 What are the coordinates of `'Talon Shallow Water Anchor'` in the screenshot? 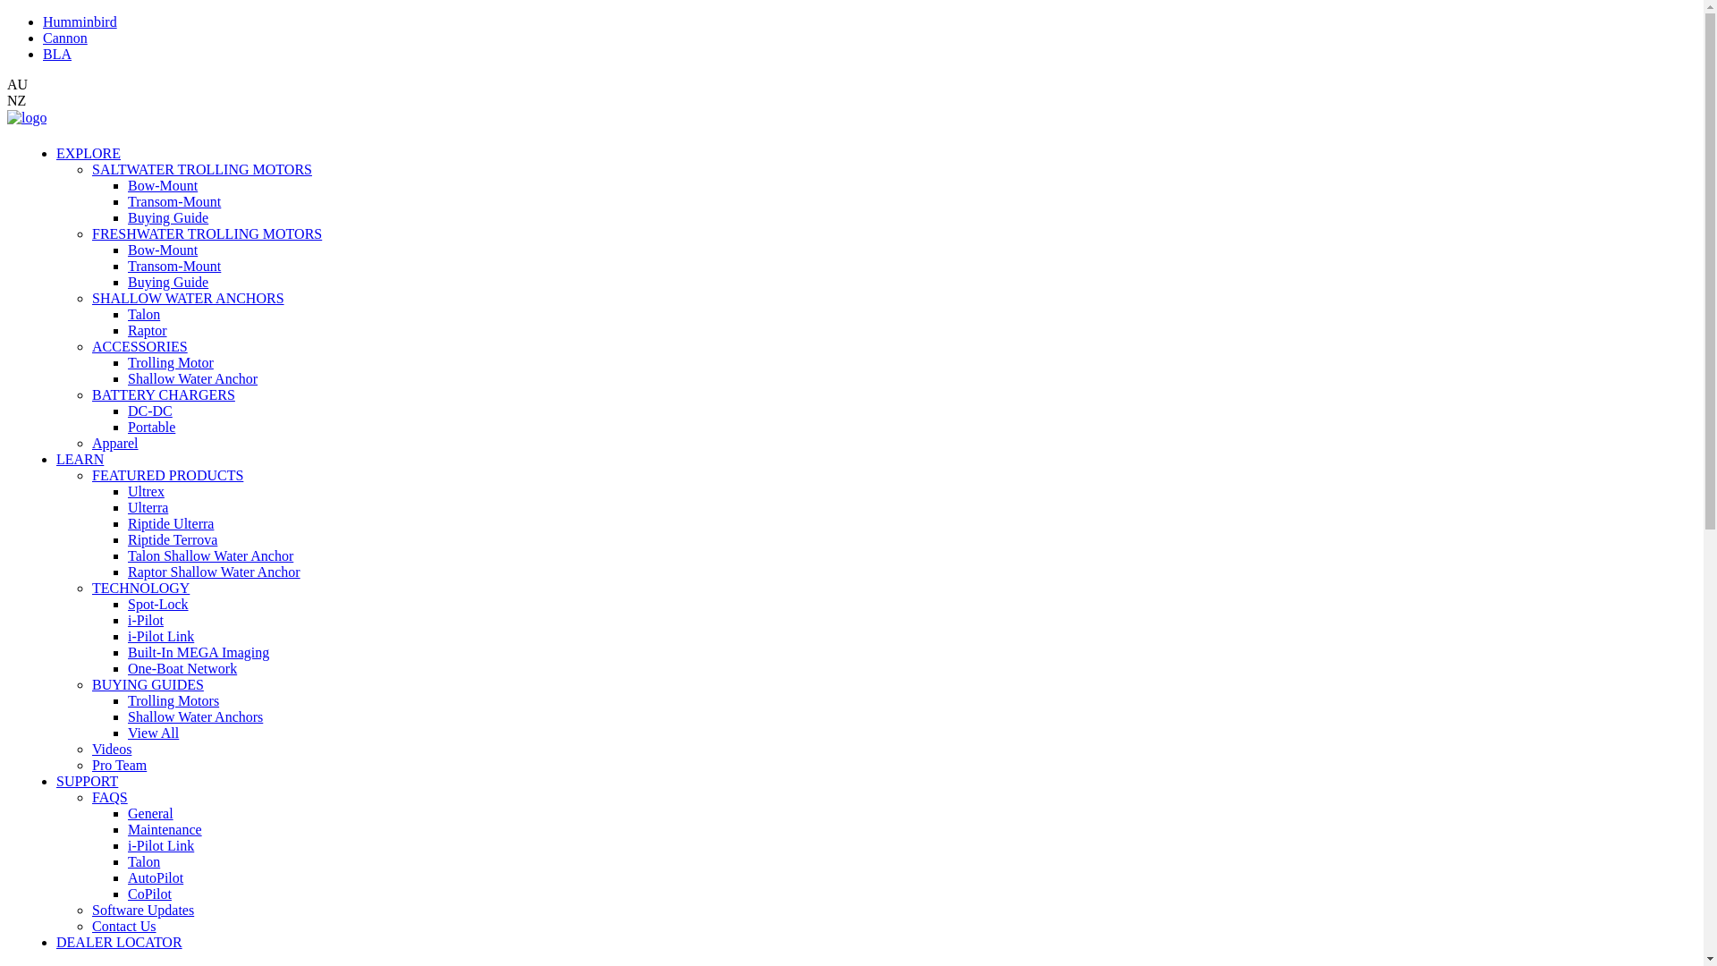 It's located at (127, 555).